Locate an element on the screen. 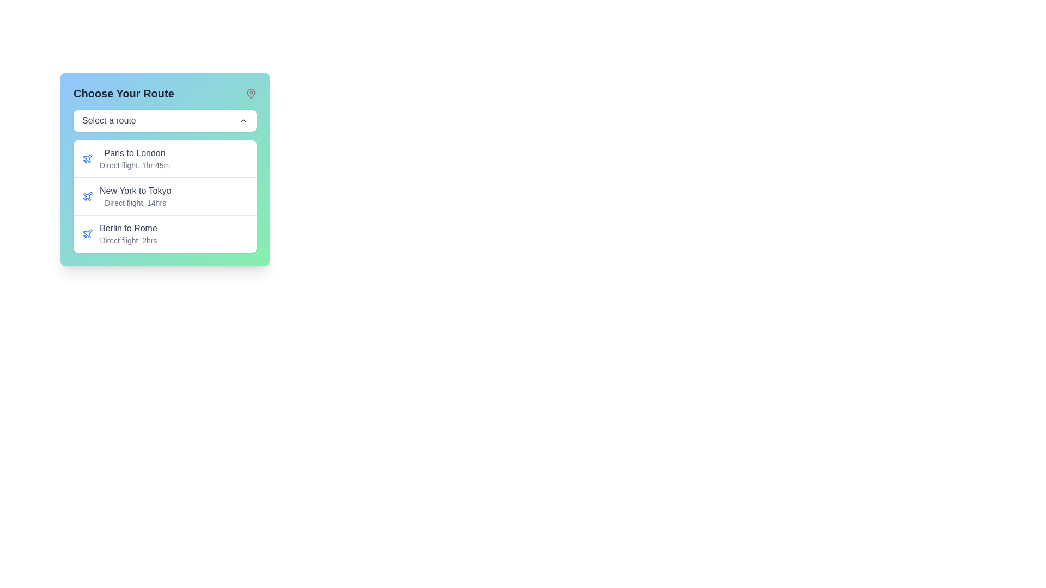 The height and width of the screenshot is (588, 1046). the plane icon representing the 'New York to Tokyo' route in the dropdown list under 'Choose Your Route' is located at coordinates (88, 158).